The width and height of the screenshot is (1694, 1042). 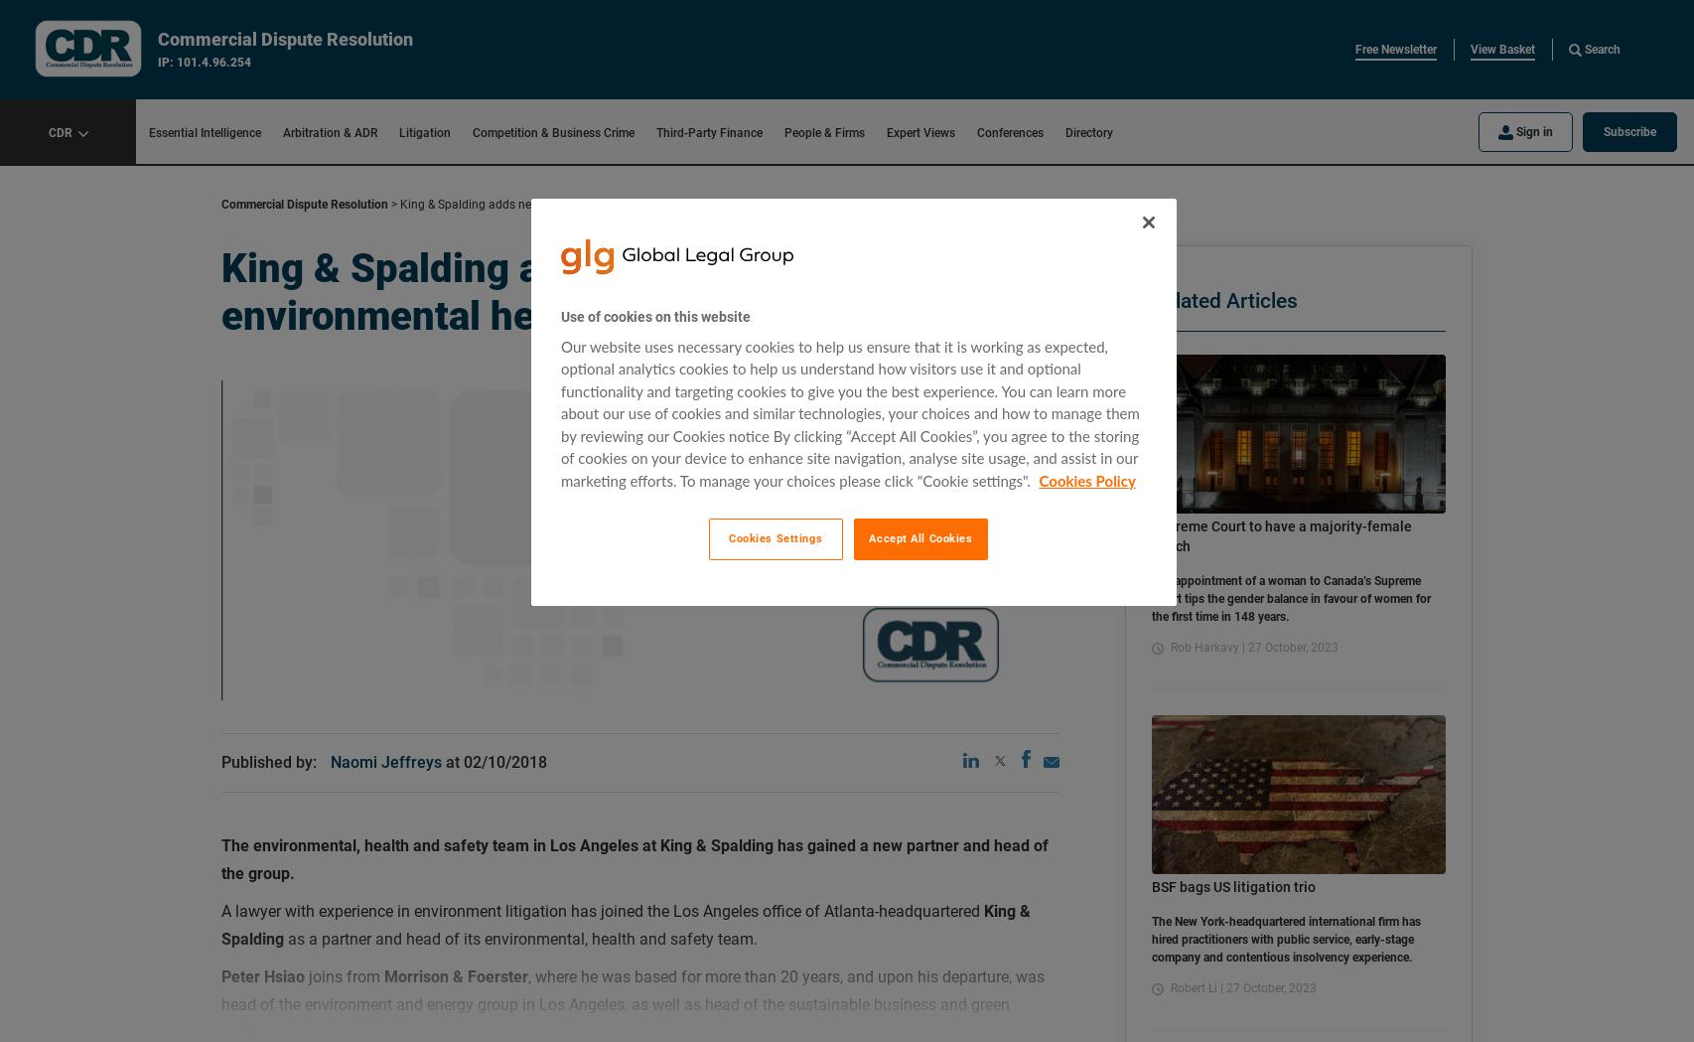 I want to click on 'Robert Li | 27 October, 2023', so click(x=1167, y=986).